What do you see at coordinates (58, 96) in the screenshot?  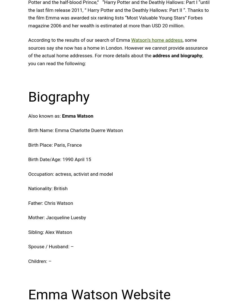 I see `'Biography'` at bounding box center [58, 96].